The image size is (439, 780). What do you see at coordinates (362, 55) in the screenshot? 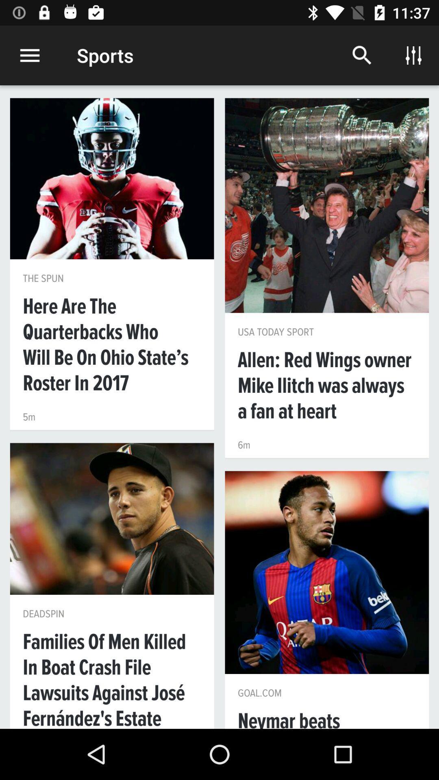
I see `item next to sports item` at bounding box center [362, 55].